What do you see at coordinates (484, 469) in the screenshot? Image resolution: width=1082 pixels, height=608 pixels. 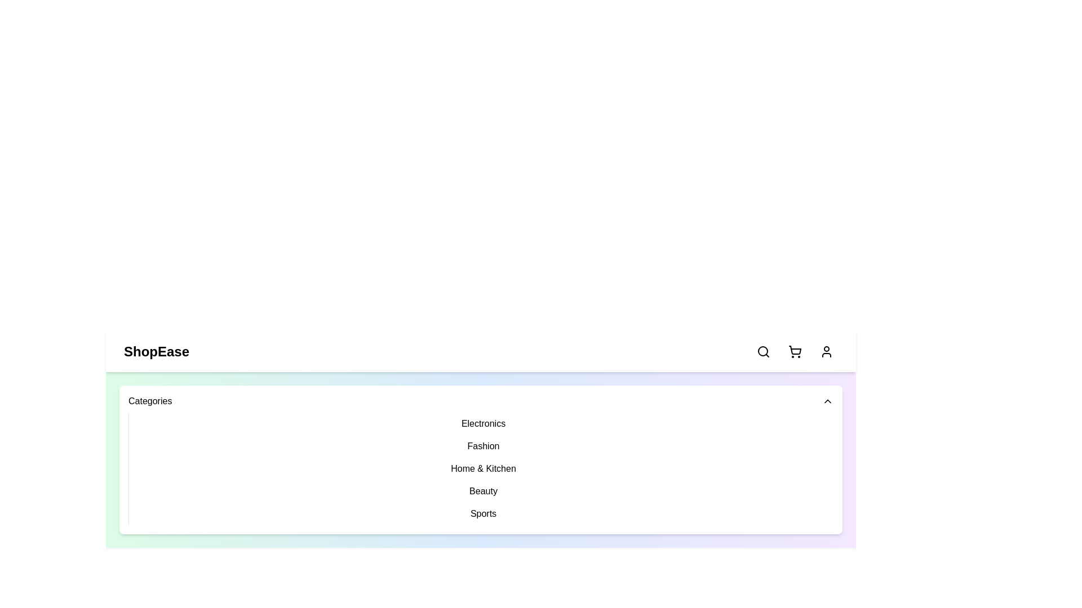 I see `the static text label displaying 'Home & Kitchen', which is the third entry in the list of categories, positioned below 'Fashion' and above 'Beauty'` at bounding box center [484, 469].